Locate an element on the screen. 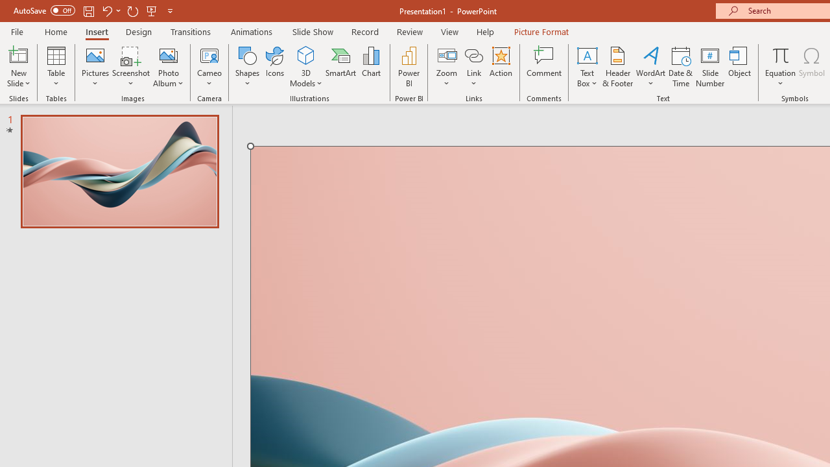 The width and height of the screenshot is (830, 467). 'Equation' is located at coordinates (779, 54).